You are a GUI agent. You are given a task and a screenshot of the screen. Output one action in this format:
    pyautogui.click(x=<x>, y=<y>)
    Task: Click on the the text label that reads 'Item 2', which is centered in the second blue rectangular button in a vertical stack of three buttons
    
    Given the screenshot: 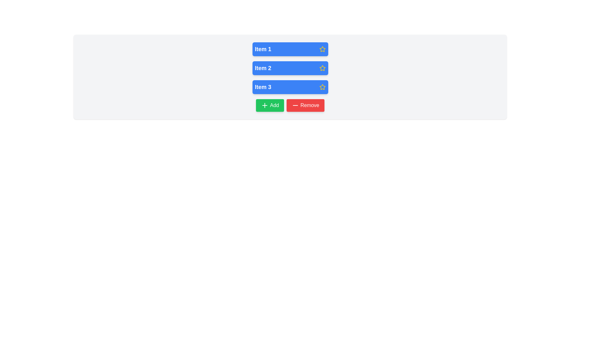 What is the action you would take?
    pyautogui.click(x=263, y=68)
    